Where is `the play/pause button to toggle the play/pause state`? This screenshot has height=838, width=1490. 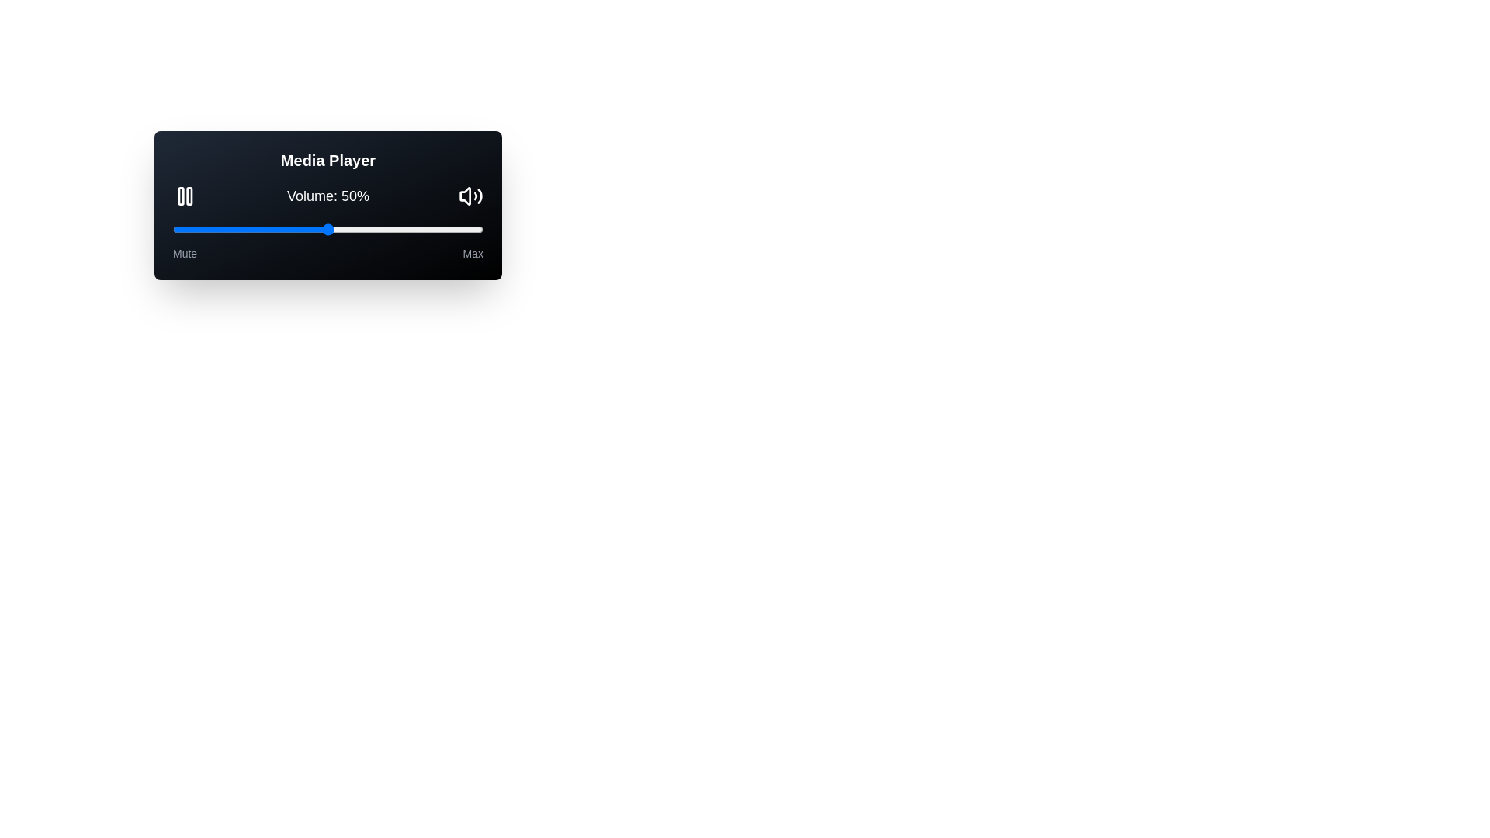
the play/pause button to toggle the play/pause state is located at coordinates (185, 196).